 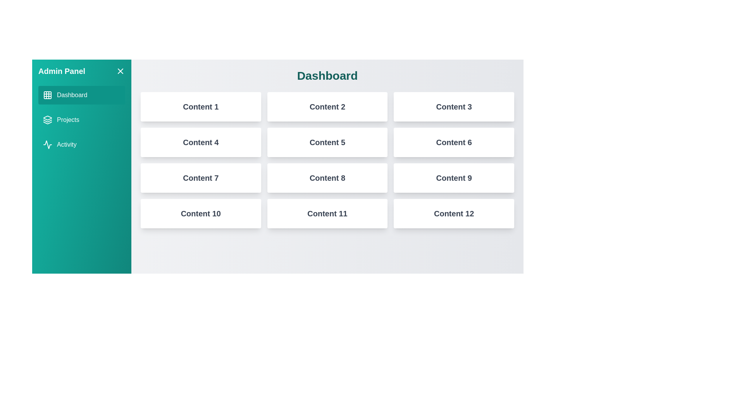 I want to click on the tab Projects from the menu, so click(x=82, y=120).